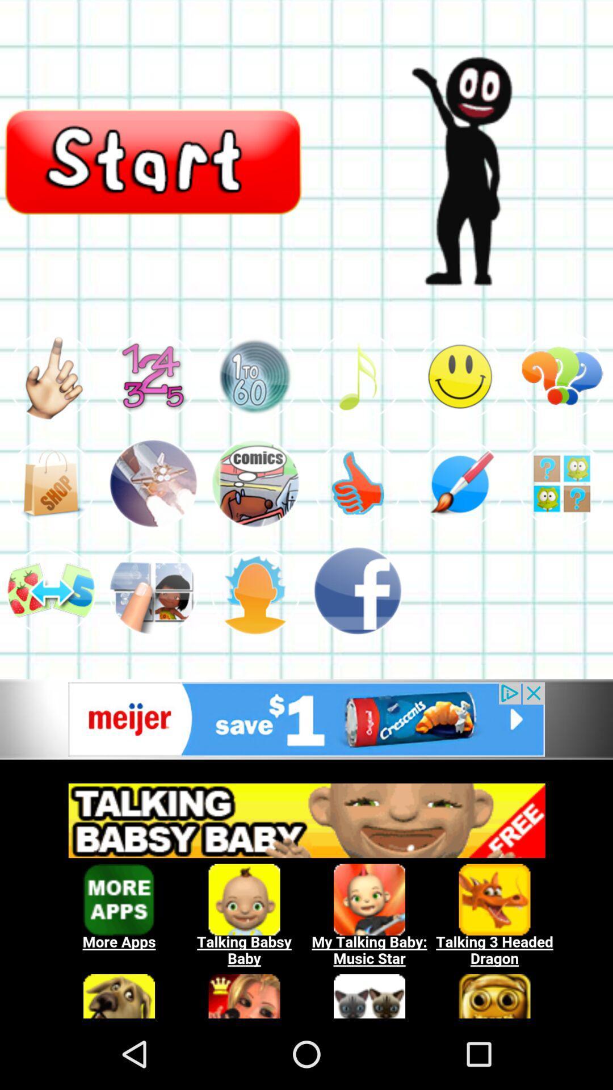 The width and height of the screenshot is (613, 1090). I want to click on the avatar icon, so click(50, 403).